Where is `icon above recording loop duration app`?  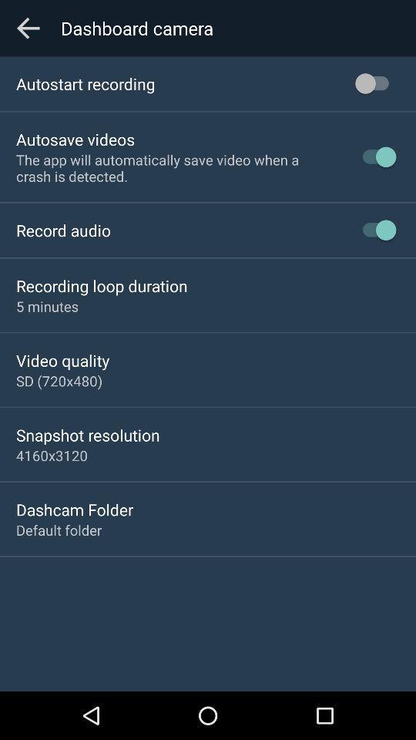
icon above recording loop duration app is located at coordinates (62, 229).